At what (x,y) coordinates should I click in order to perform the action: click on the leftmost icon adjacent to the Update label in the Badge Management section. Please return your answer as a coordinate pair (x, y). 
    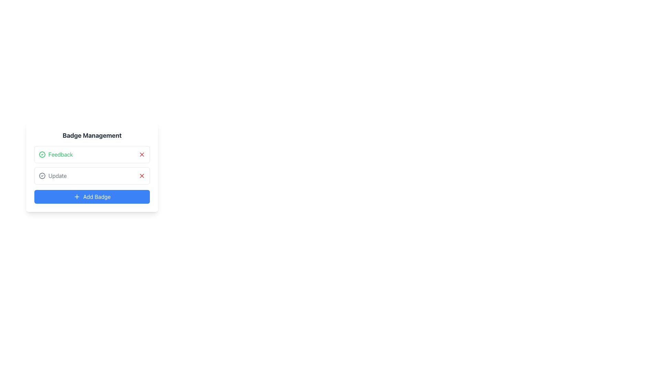
    Looking at the image, I should click on (42, 176).